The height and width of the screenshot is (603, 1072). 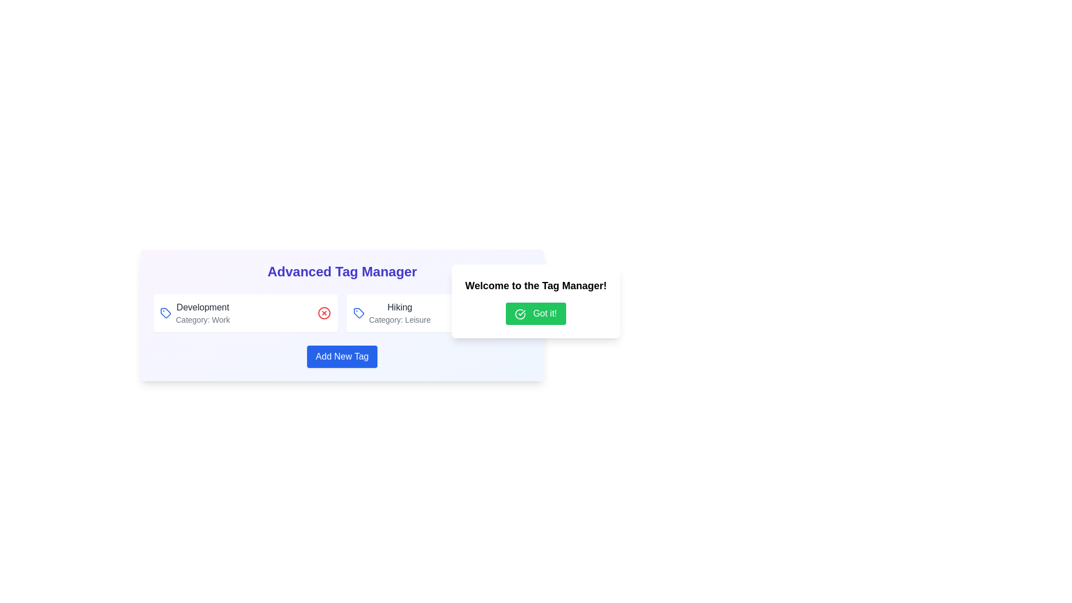 I want to click on the tag icon associated with the 'Hiking' category, which is positioned to the left of the text 'HikingCategory: Leisure', so click(x=359, y=313).